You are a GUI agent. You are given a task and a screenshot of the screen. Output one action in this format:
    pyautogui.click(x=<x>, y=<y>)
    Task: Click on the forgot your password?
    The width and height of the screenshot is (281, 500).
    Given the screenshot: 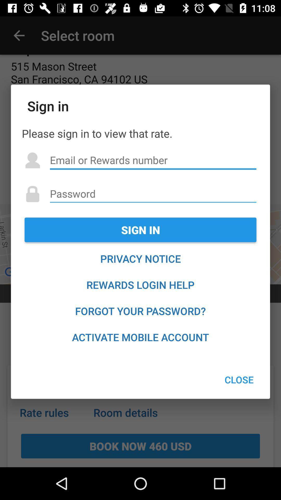 What is the action you would take?
    pyautogui.click(x=140, y=311)
    